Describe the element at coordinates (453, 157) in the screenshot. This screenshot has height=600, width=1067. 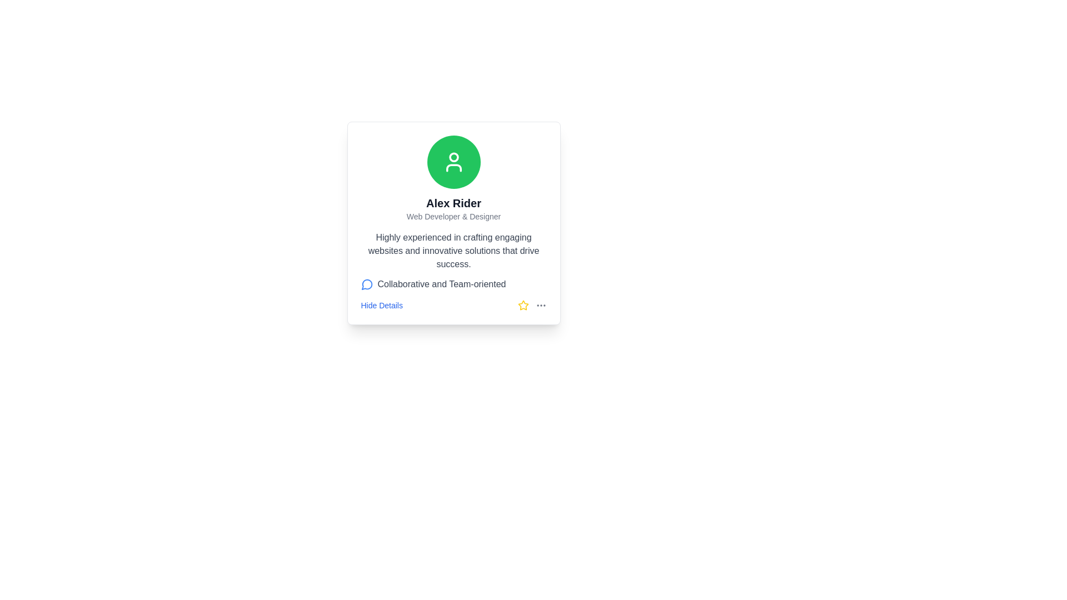
I see `small circular shape representing the head in the user icon by opening the developer tools` at that location.